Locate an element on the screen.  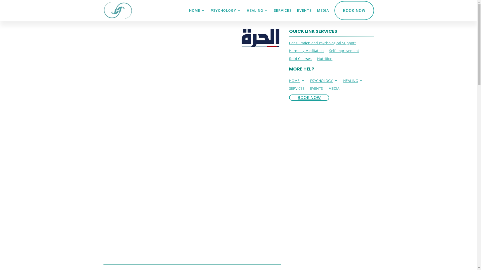
'MEDIA' is located at coordinates (334, 89).